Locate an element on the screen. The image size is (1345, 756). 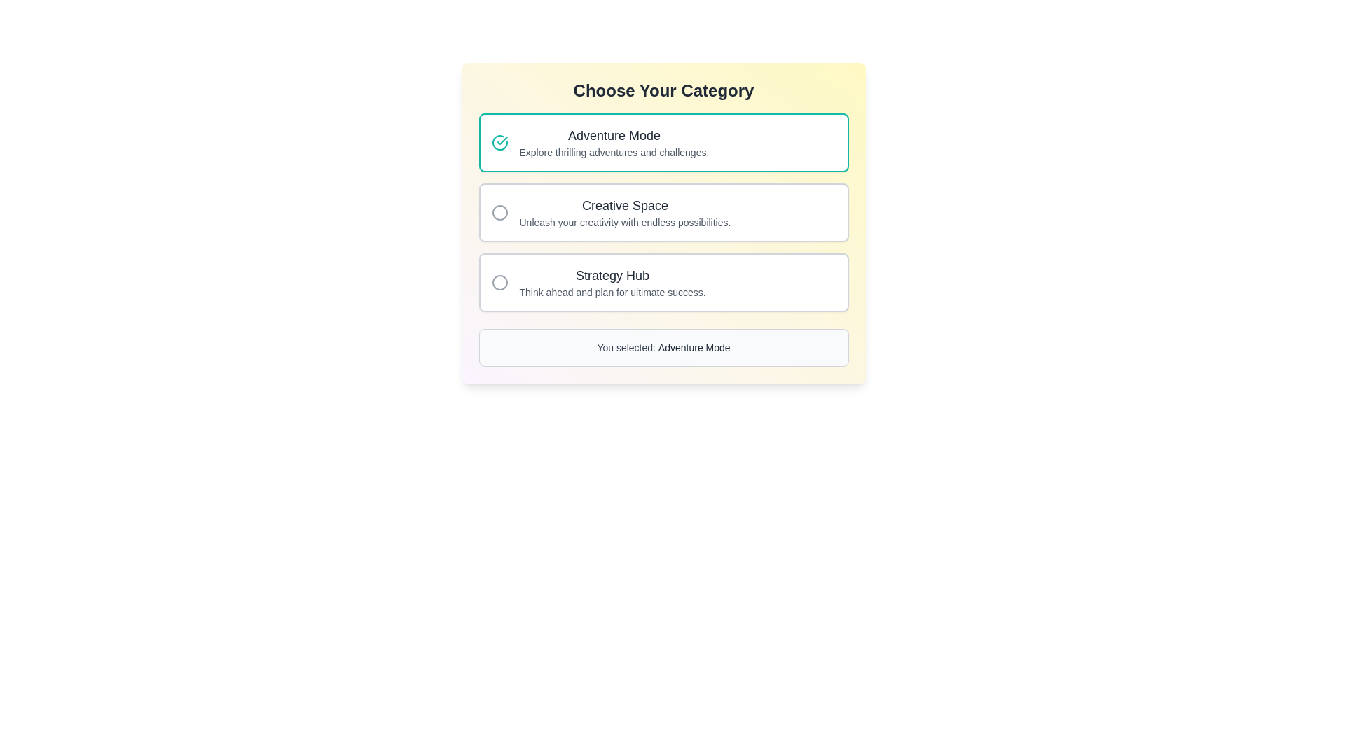
the 'Adventure Mode' selectable option, which is the first option in the 'Choose Your Category' stack, featuring a teal checkmark icon and bold title is located at coordinates (663, 143).